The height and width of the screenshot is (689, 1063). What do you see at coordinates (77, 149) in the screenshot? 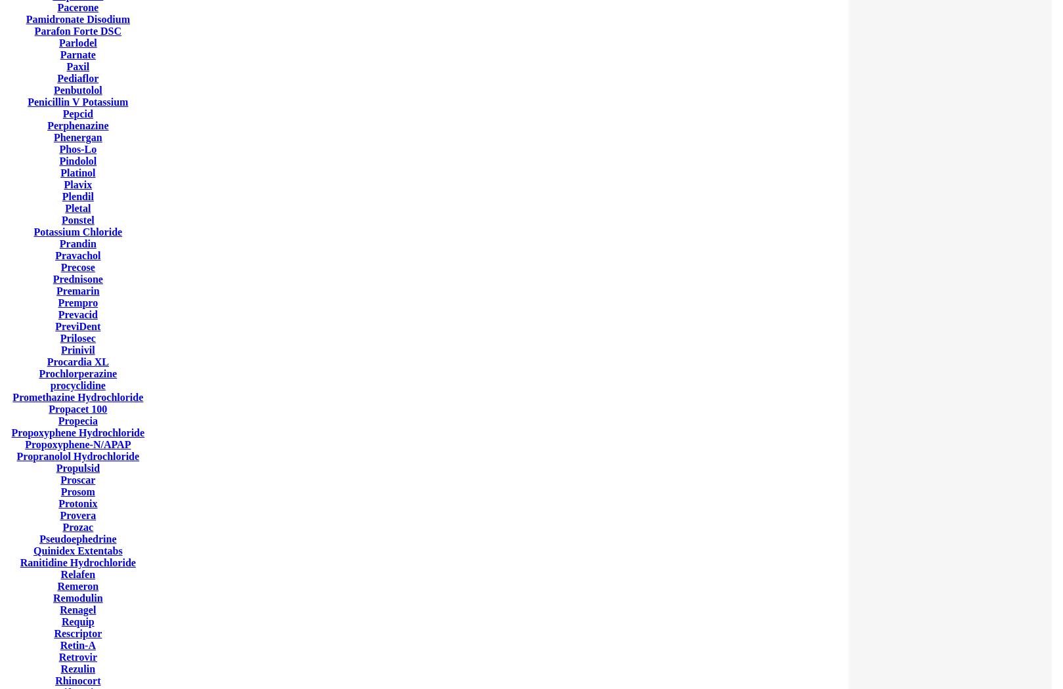
I see `'Phos-Lo'` at bounding box center [77, 149].